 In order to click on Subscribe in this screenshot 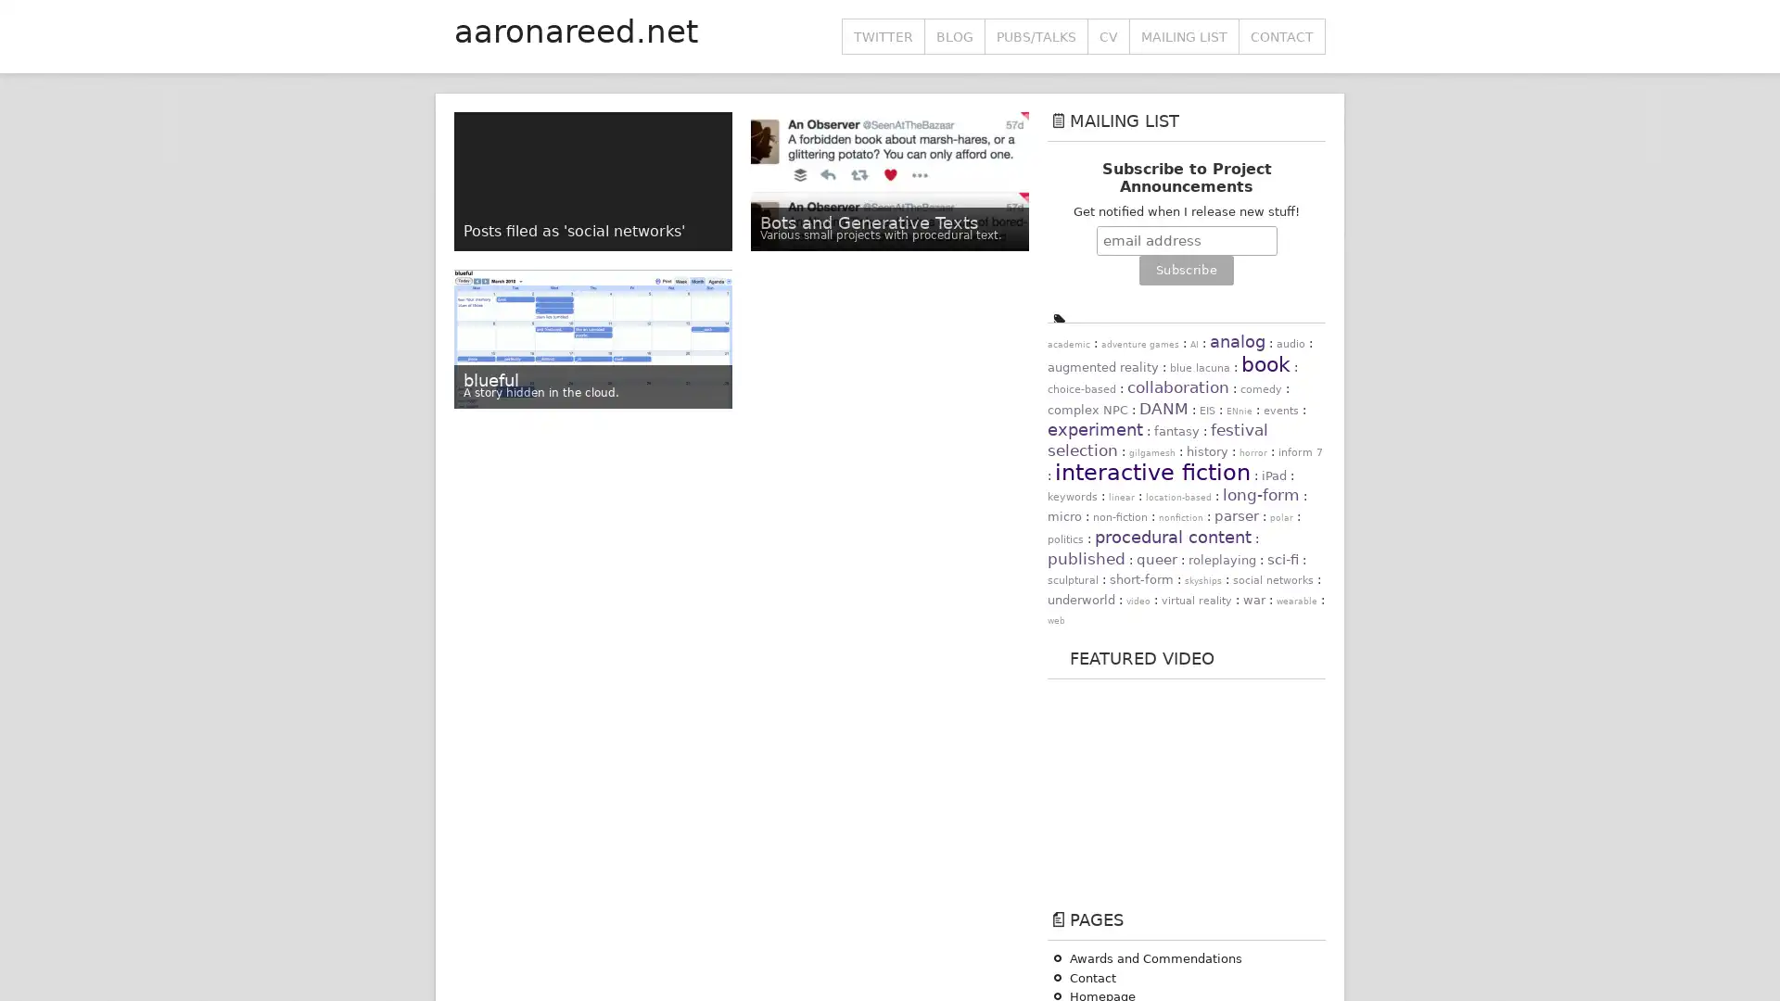, I will do `click(1185, 271)`.